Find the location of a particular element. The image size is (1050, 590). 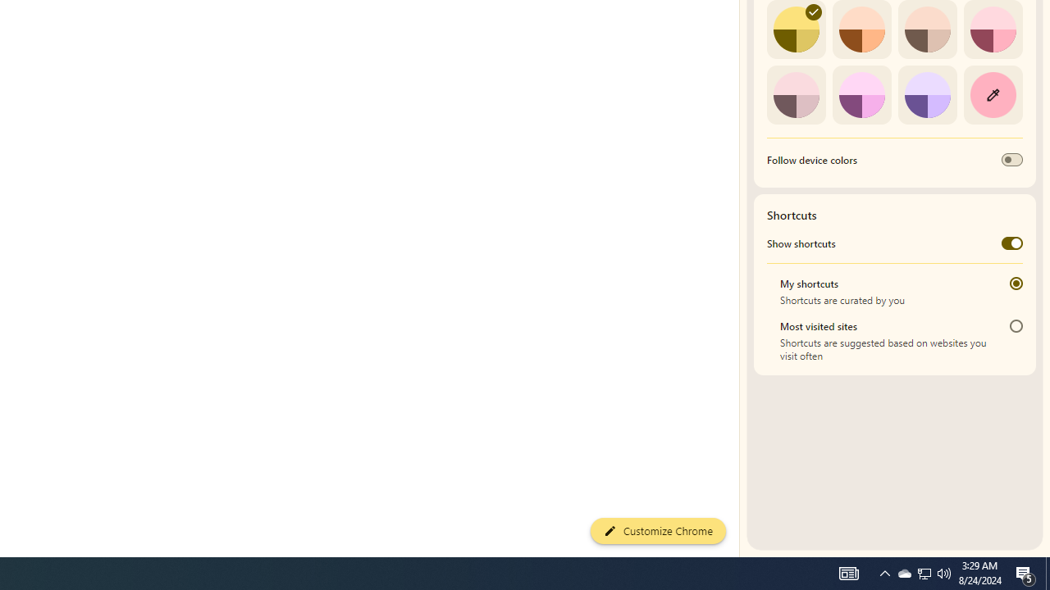

'Rose' is located at coordinates (992, 29).